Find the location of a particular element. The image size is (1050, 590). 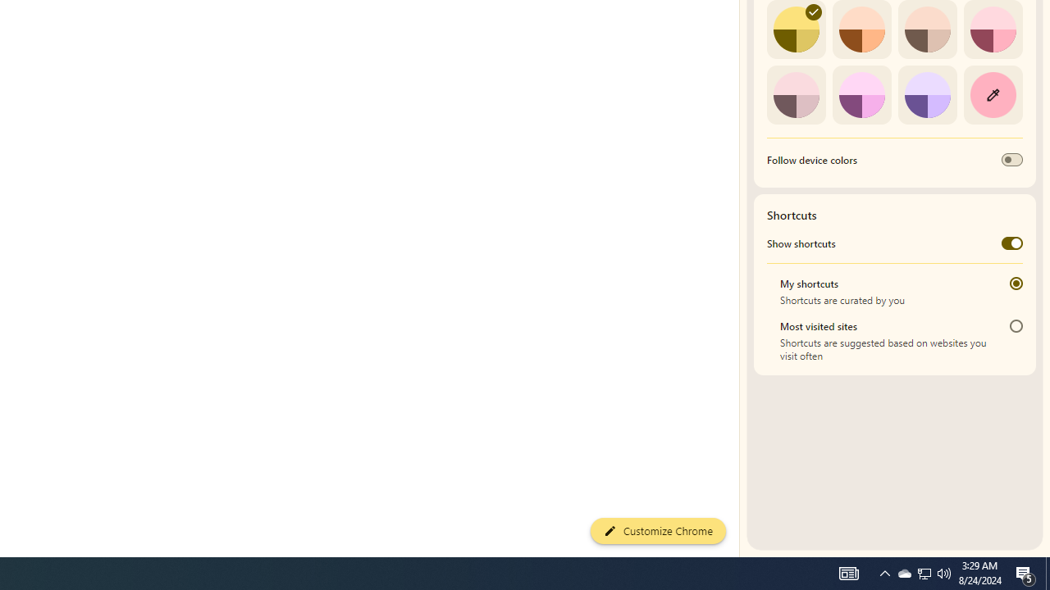

'Rose' is located at coordinates (992, 29).